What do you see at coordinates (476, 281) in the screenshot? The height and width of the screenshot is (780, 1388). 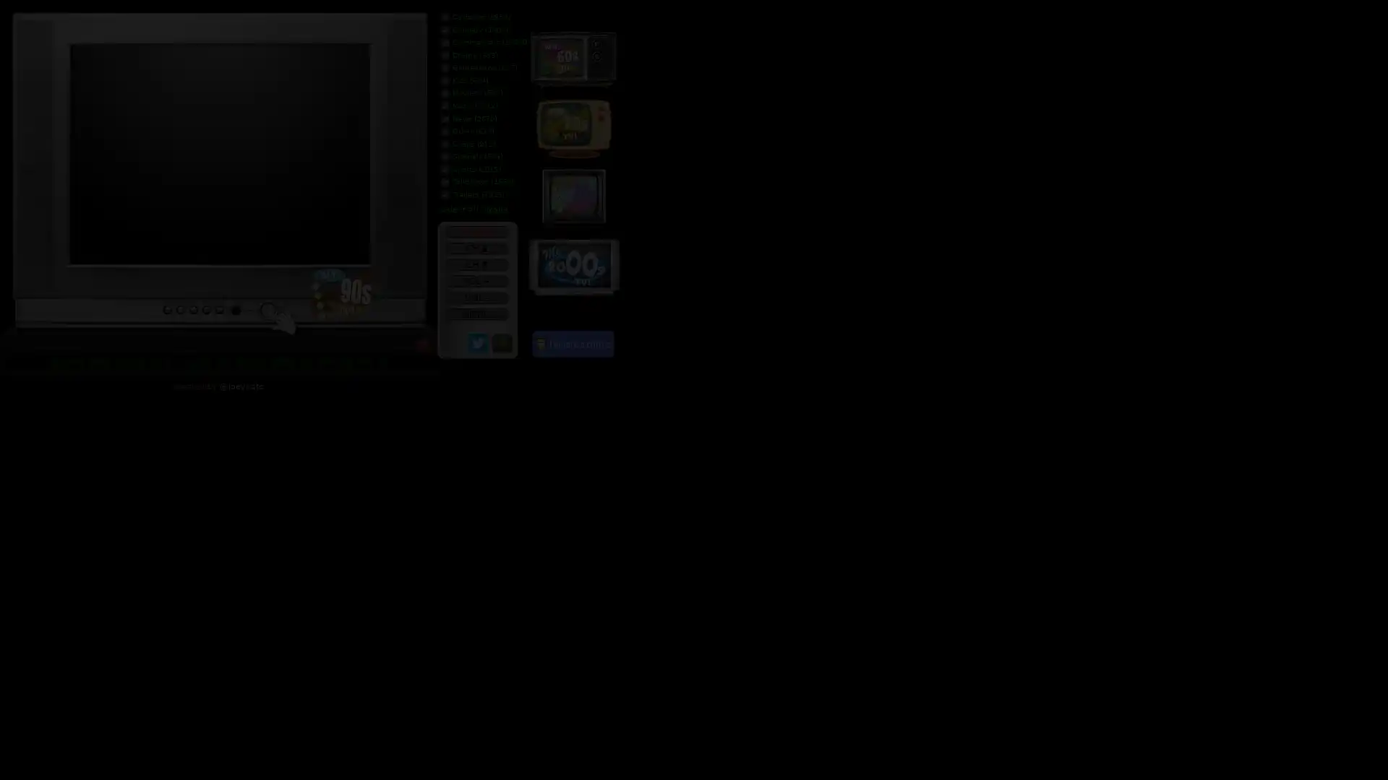 I see `VOL +` at bounding box center [476, 281].